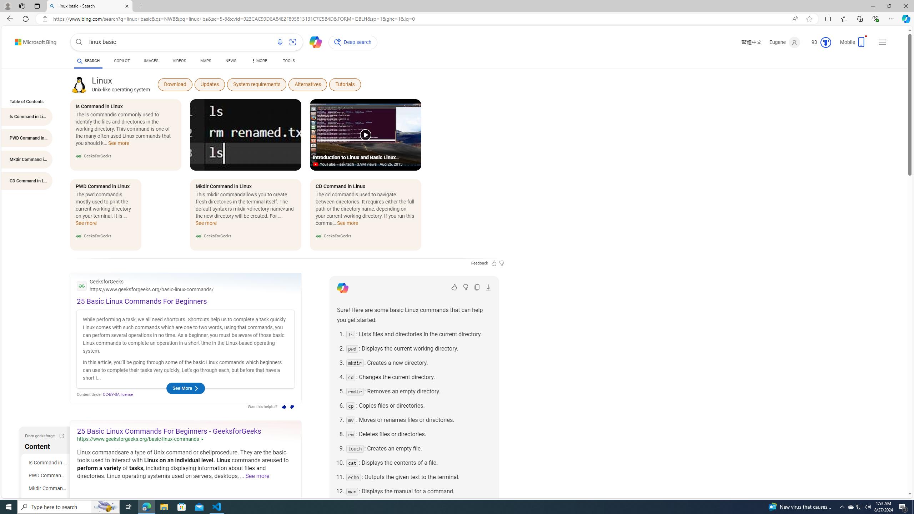 The height and width of the screenshot is (514, 914). What do you see at coordinates (205, 60) in the screenshot?
I see `'MAPS'` at bounding box center [205, 60].